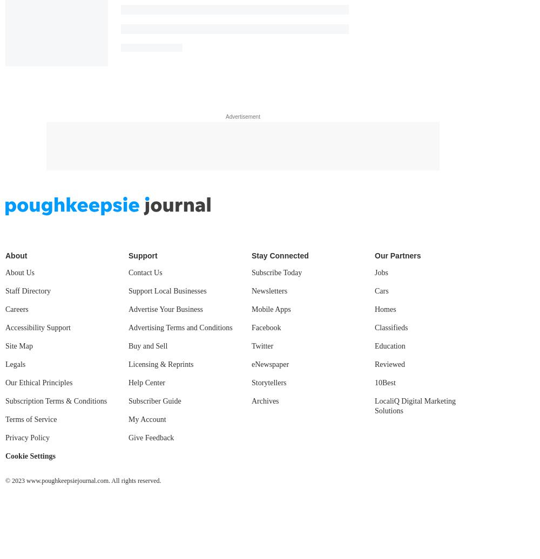  I want to click on 'Classifieds', so click(374, 327).